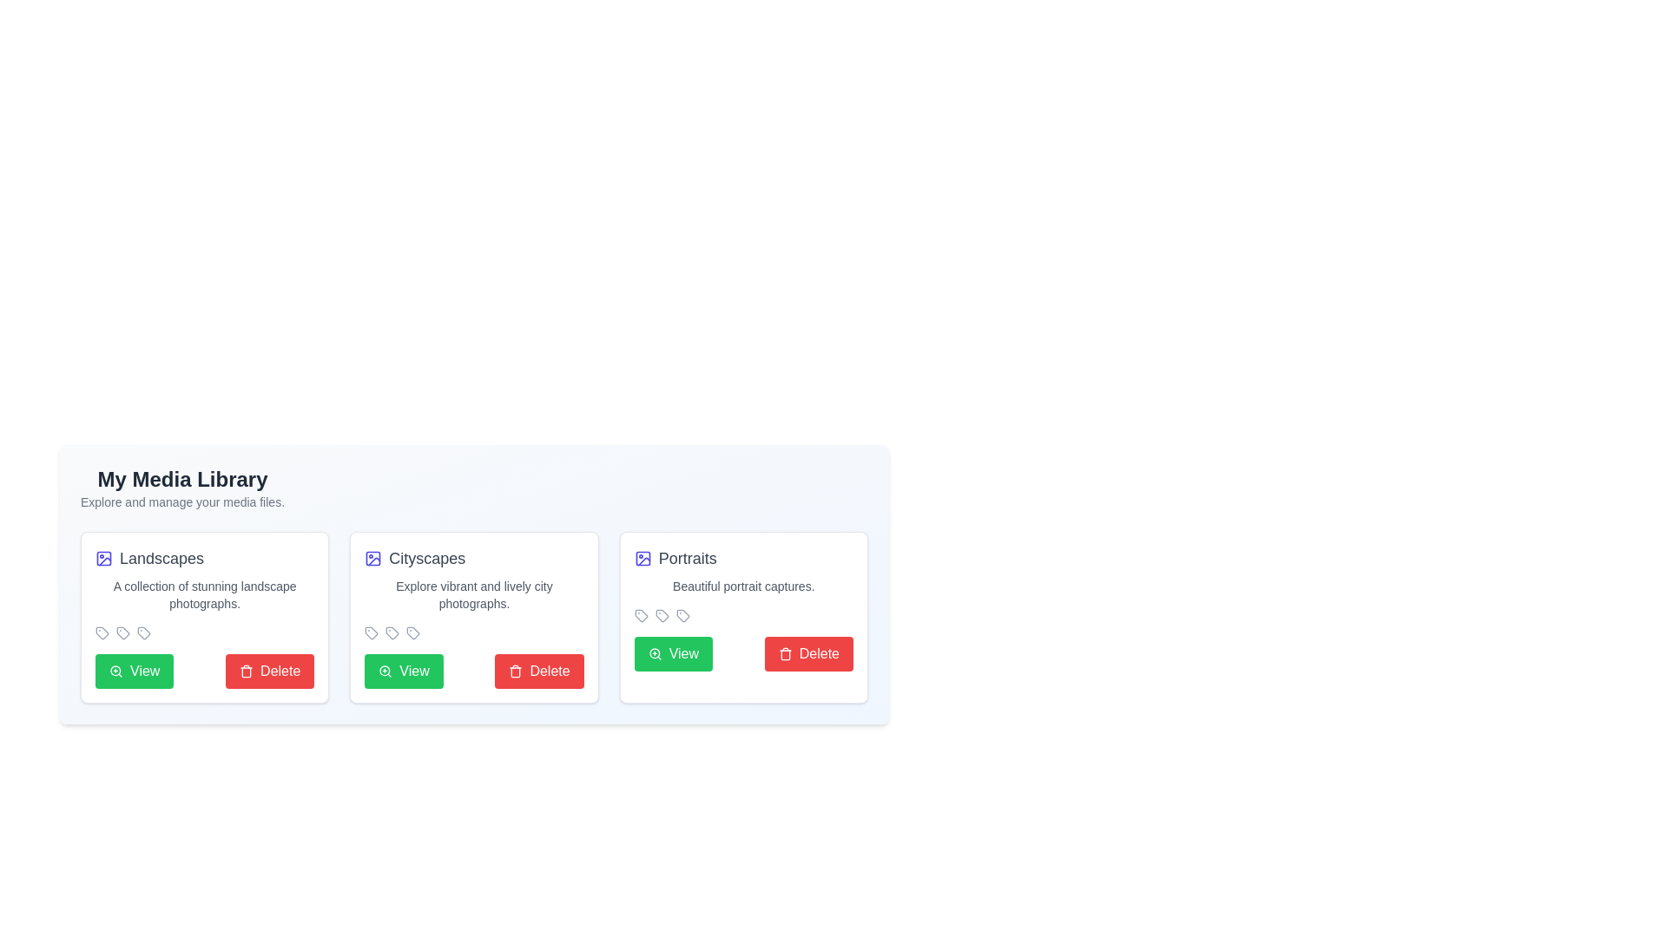 The image size is (1667, 937). Describe the element at coordinates (515, 671) in the screenshot. I see `the trash can icon representing the 'Delete' button located at the bottom-right corner of the 'Cityscapes' card` at that location.